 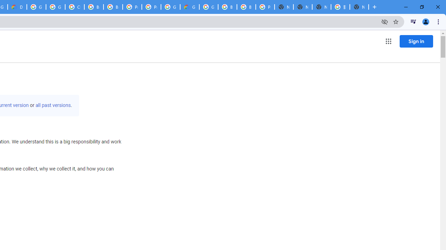 I want to click on 'New Tab', so click(x=359, y=7).